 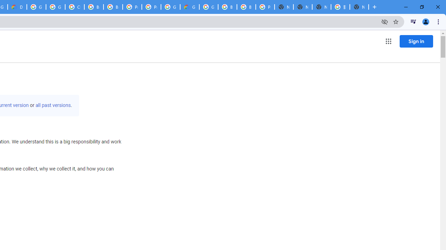 I want to click on 'New Tab', so click(x=359, y=7).